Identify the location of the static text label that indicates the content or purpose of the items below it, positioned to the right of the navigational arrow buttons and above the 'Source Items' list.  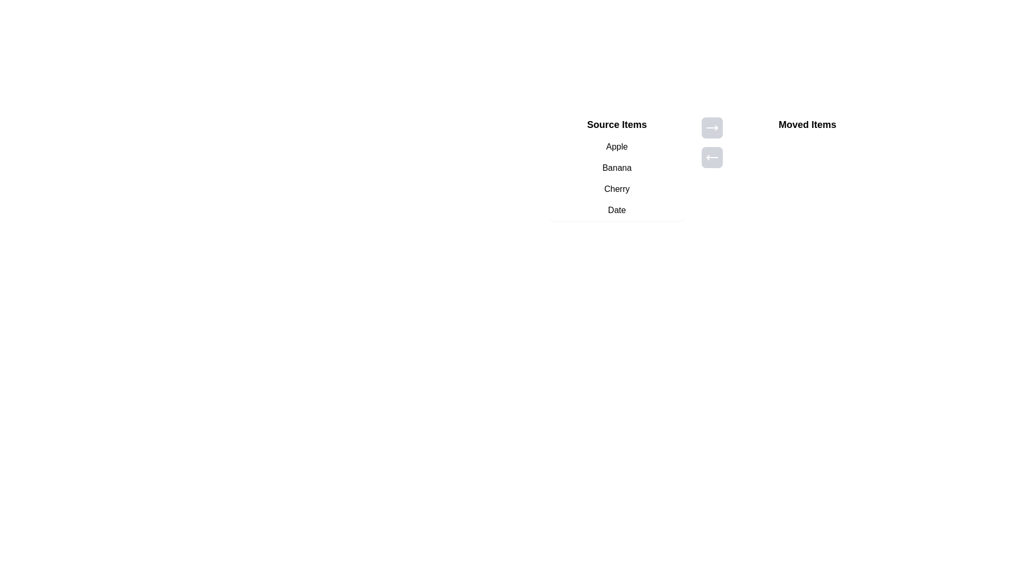
(807, 124).